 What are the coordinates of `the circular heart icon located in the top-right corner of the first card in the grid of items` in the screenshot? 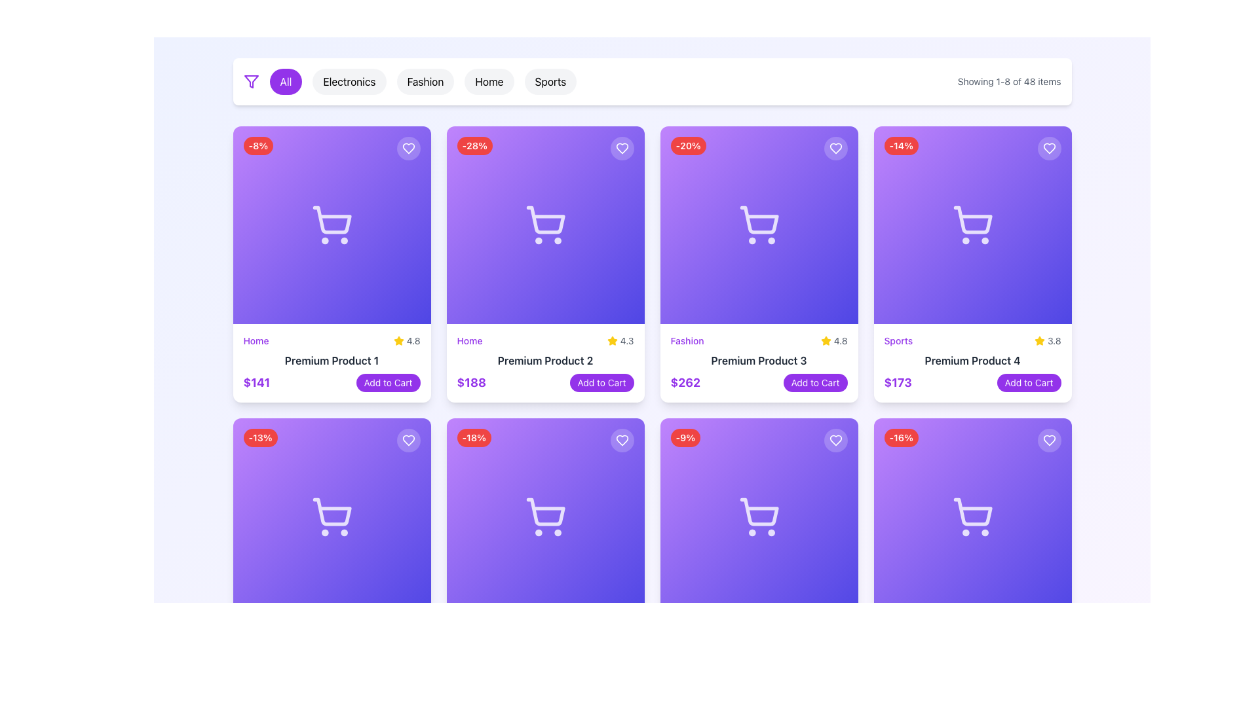 It's located at (408, 148).